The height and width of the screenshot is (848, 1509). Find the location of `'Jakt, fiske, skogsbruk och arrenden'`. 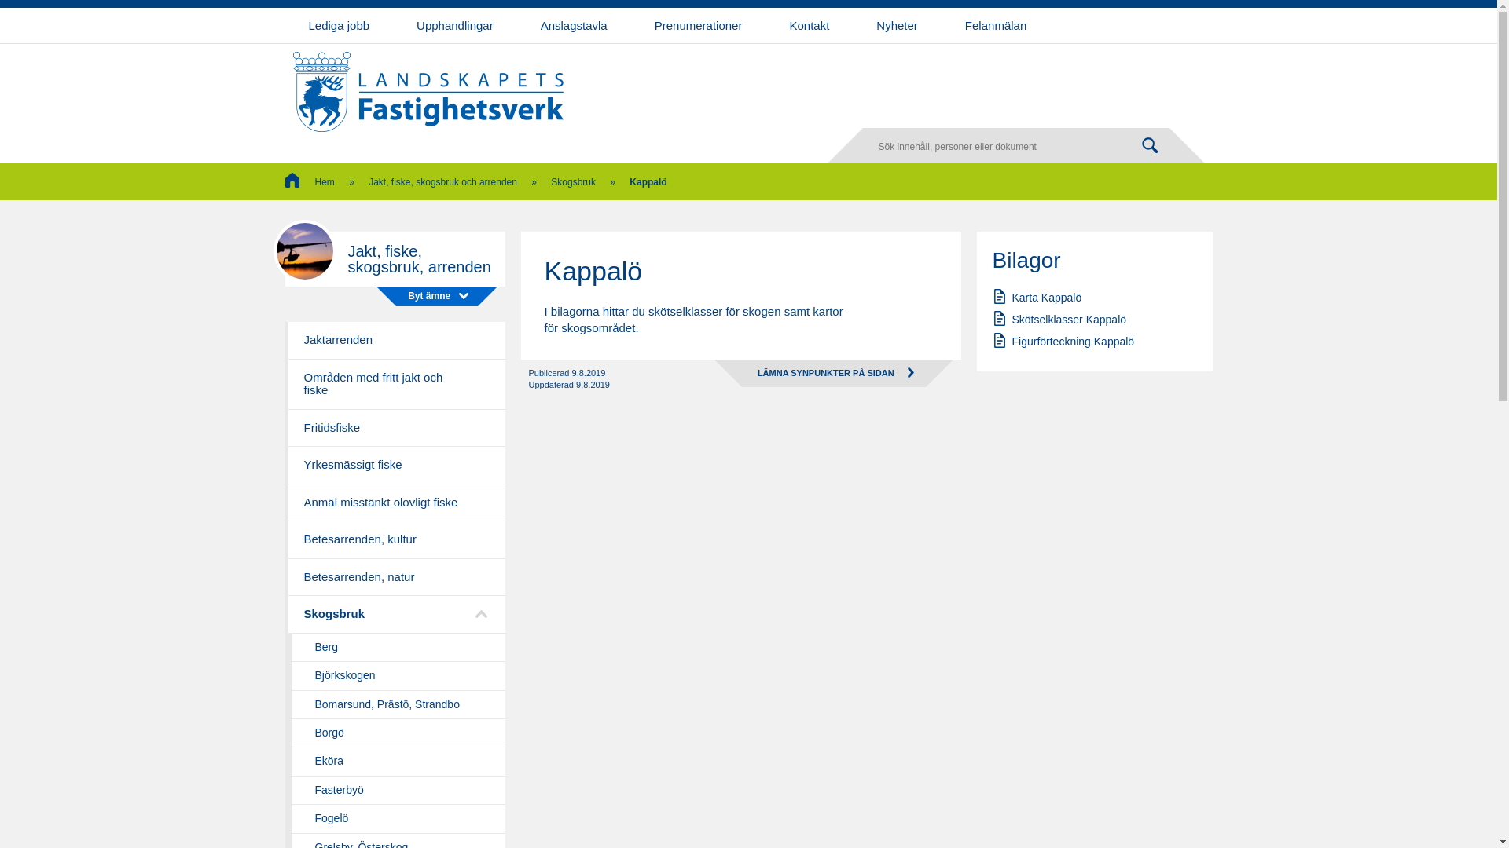

'Jakt, fiske, skogsbruk och arrenden' is located at coordinates (368, 181).